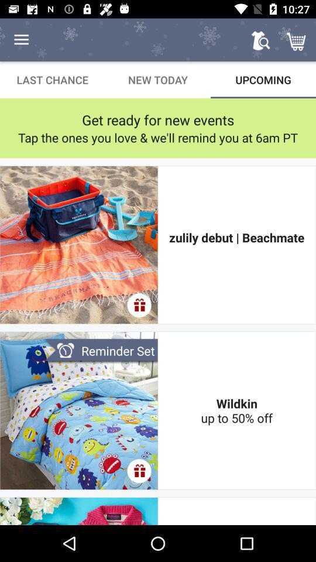  I want to click on the little lovely layered, so click(236, 510).